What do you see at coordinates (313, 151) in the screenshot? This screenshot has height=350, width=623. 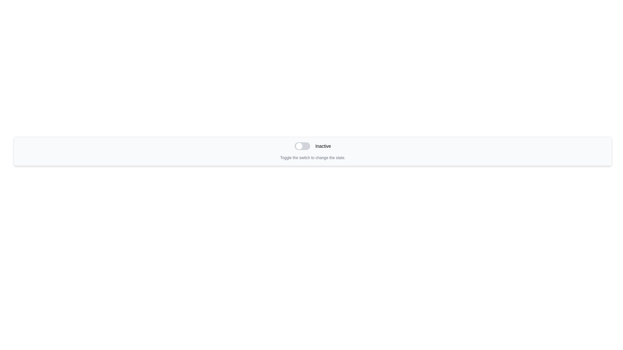 I see `instructions displayed below the Toggle switch labeled 'Toggle the switch to change the state.'` at bounding box center [313, 151].